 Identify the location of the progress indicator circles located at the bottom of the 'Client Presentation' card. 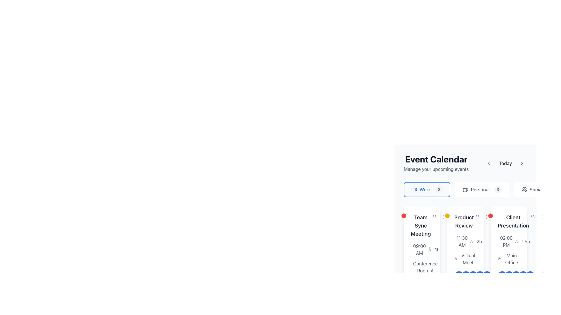
(516, 275).